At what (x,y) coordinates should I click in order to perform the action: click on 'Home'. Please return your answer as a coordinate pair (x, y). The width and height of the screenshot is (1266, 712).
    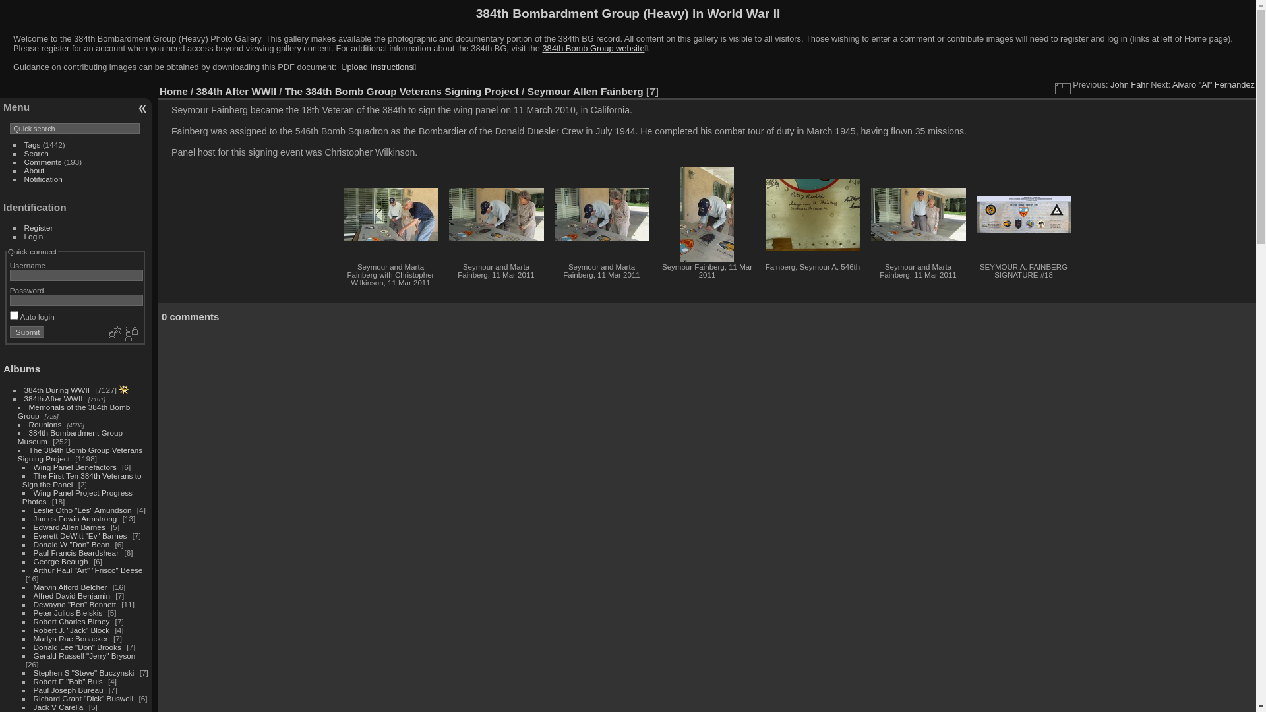
    Looking at the image, I should click on (158, 90).